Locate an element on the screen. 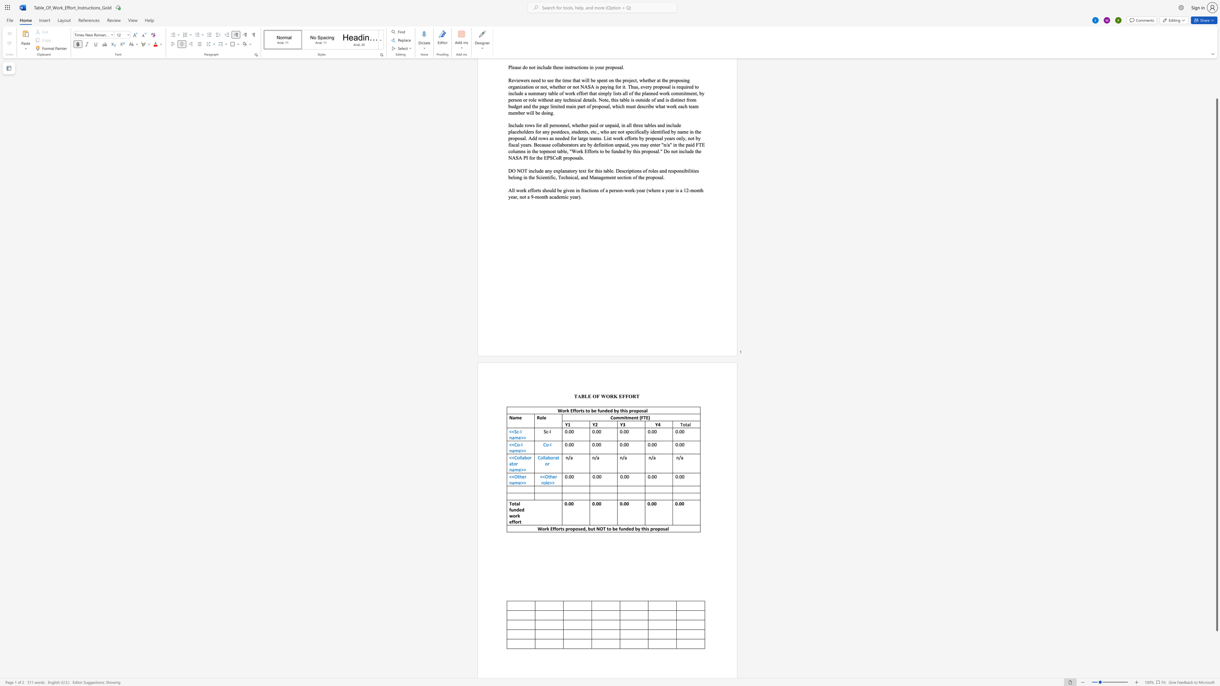  the scrollbar to move the content higher is located at coordinates (1216, 91).